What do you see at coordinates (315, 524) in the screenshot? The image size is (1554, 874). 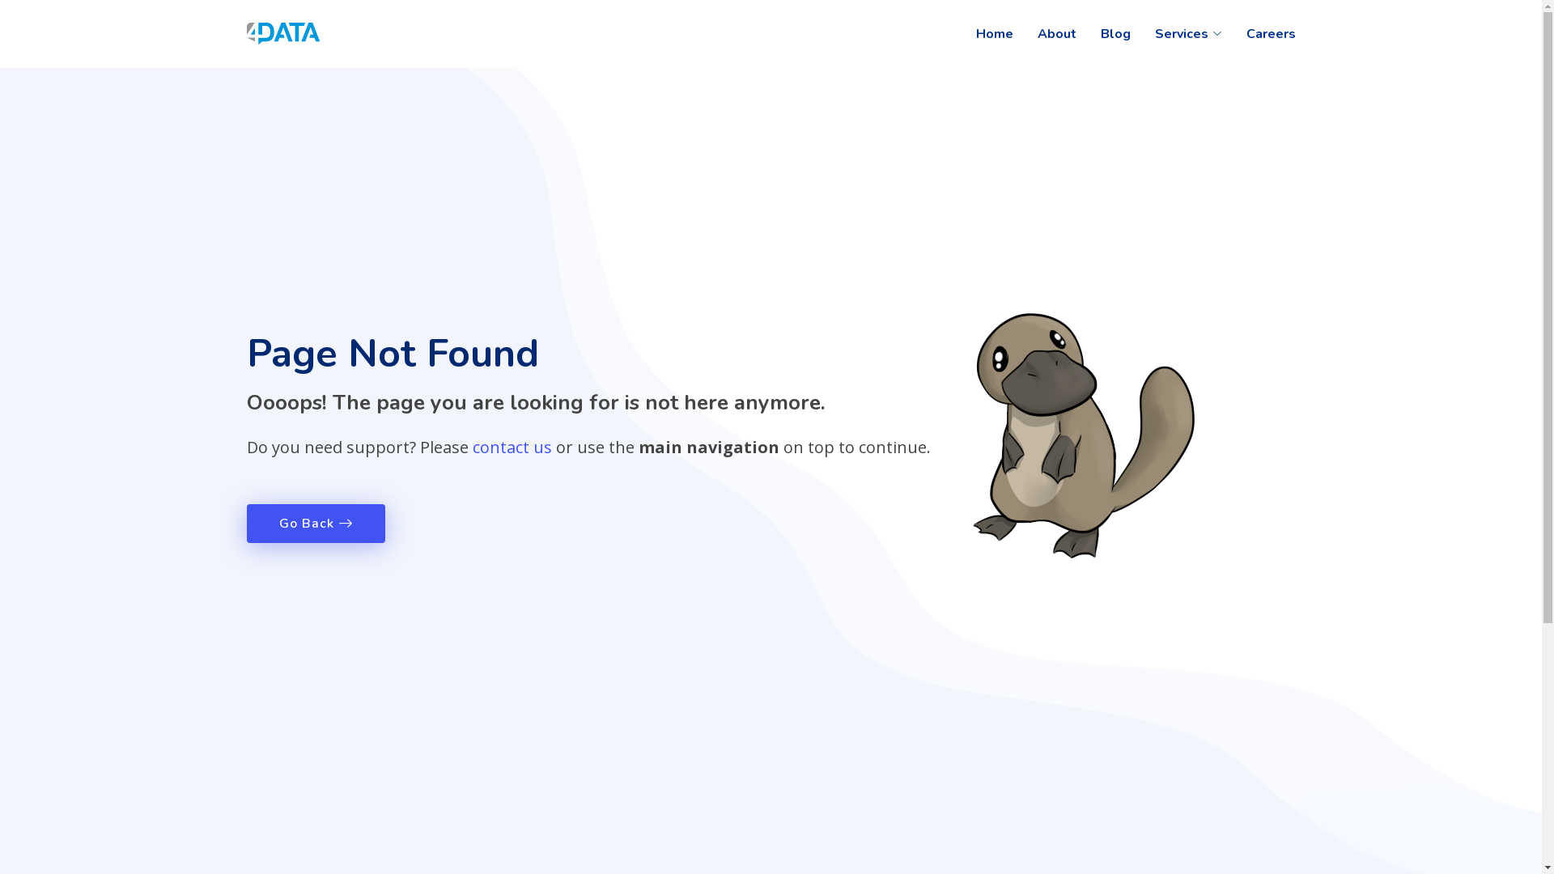 I see `'Go Back'` at bounding box center [315, 524].